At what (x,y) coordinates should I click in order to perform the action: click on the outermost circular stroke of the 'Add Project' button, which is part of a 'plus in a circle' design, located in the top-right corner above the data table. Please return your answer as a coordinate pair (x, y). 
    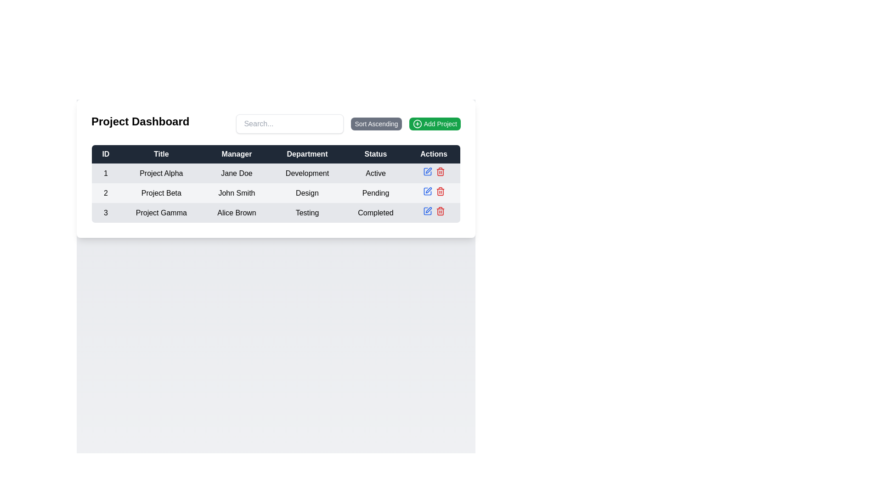
    Looking at the image, I should click on (417, 124).